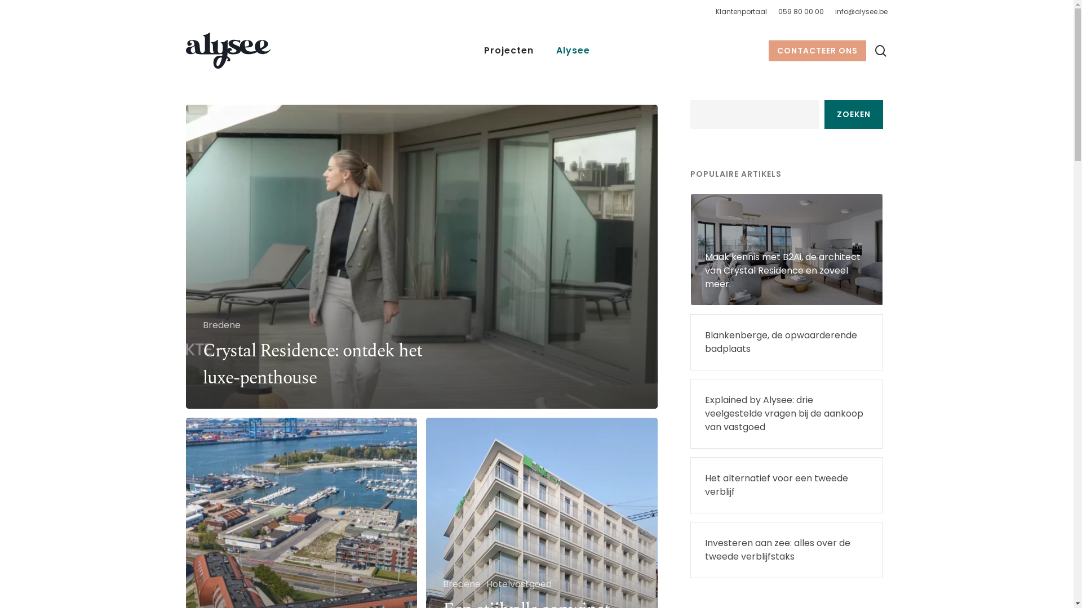 The height and width of the screenshot is (608, 1082). What do you see at coordinates (518, 583) in the screenshot?
I see `'Hotelvastgoed'` at bounding box center [518, 583].